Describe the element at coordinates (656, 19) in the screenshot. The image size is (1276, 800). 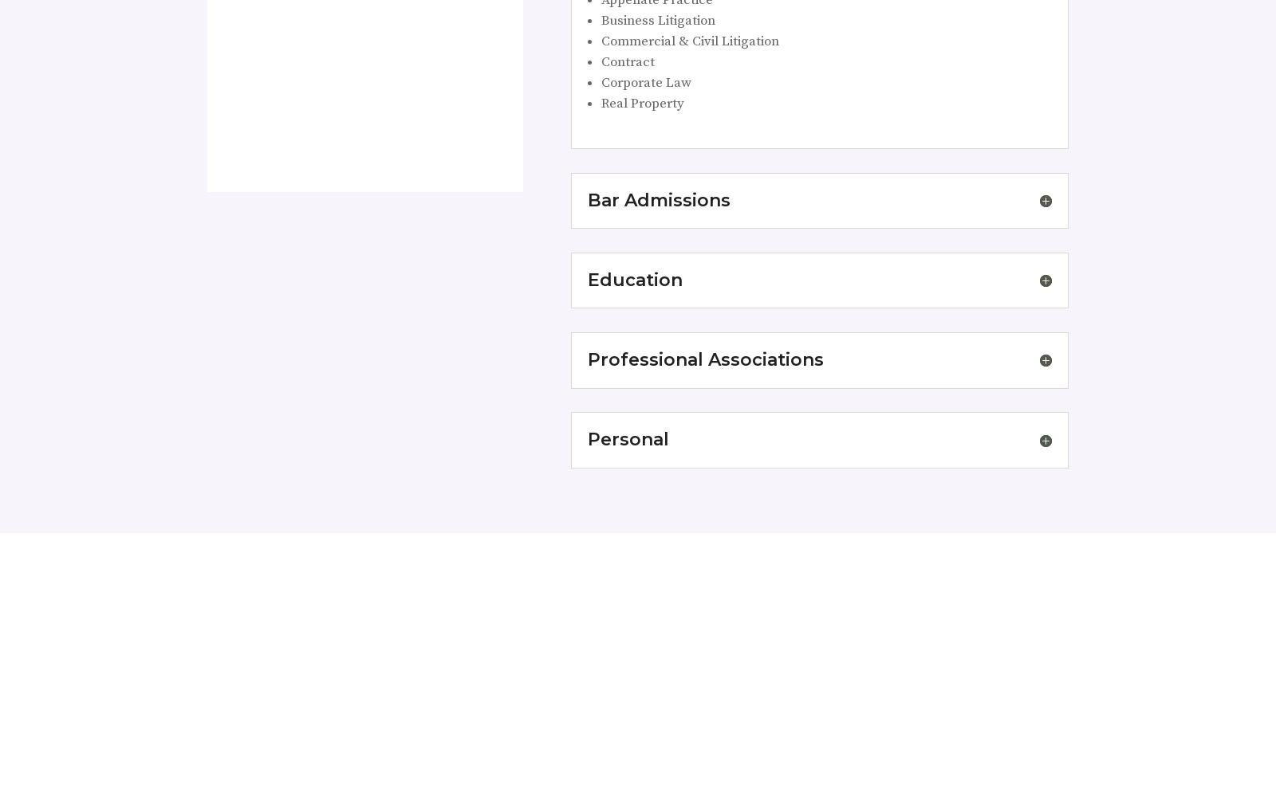
I see `'Business Litigation'` at that location.